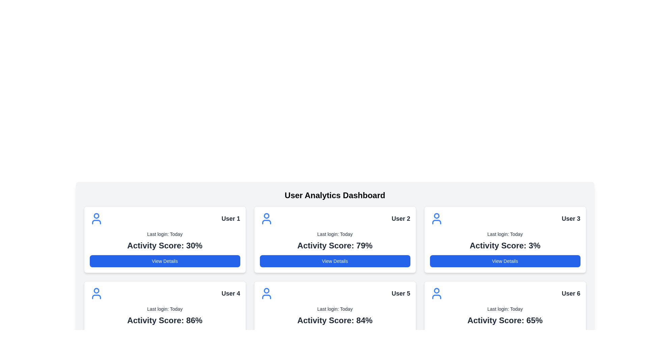  What do you see at coordinates (335, 320) in the screenshot?
I see `the text label displaying 'Activity Score: 84%' located at the bottom of the card widget for 'User 5'` at bounding box center [335, 320].